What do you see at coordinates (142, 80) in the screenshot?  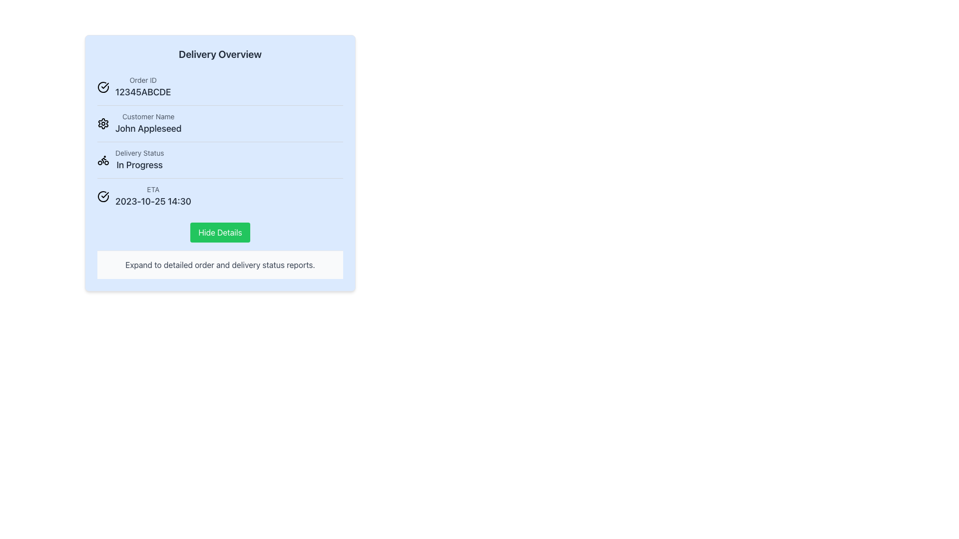 I see `the label that identifies the associated order ID value, which is positioned above the order ID text '12345ABCDE' within the delivery information card` at bounding box center [142, 80].